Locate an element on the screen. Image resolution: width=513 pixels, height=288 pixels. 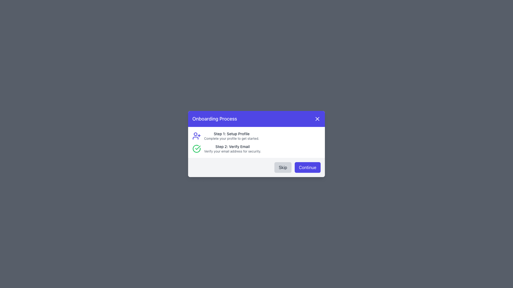
the small circular shape within the SVG graphic that represents a user-themed icon in the top-left corner of the onboarding modal is located at coordinates (195, 134).